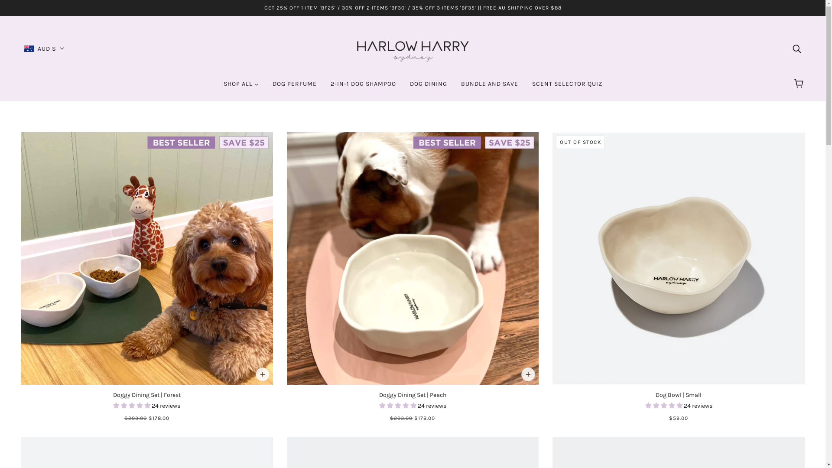  Describe the element at coordinates (567, 87) in the screenshot. I see `'SCENT SELECTOR QUIZ'` at that location.